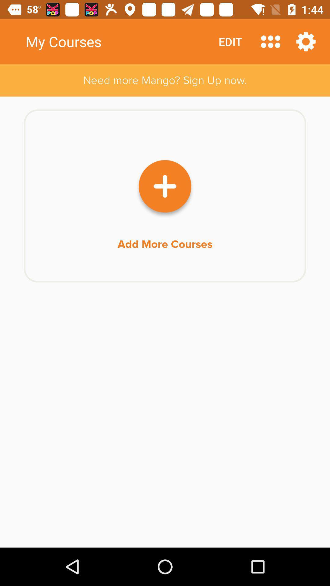 The height and width of the screenshot is (586, 330). What do you see at coordinates (270, 41) in the screenshot?
I see `all courses` at bounding box center [270, 41].